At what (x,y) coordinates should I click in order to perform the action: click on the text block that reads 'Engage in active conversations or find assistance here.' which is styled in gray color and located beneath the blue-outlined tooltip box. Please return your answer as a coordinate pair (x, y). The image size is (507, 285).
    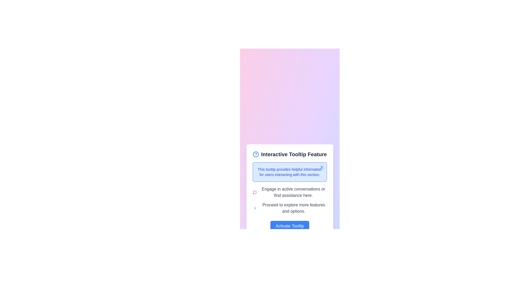
    Looking at the image, I should click on (289, 191).